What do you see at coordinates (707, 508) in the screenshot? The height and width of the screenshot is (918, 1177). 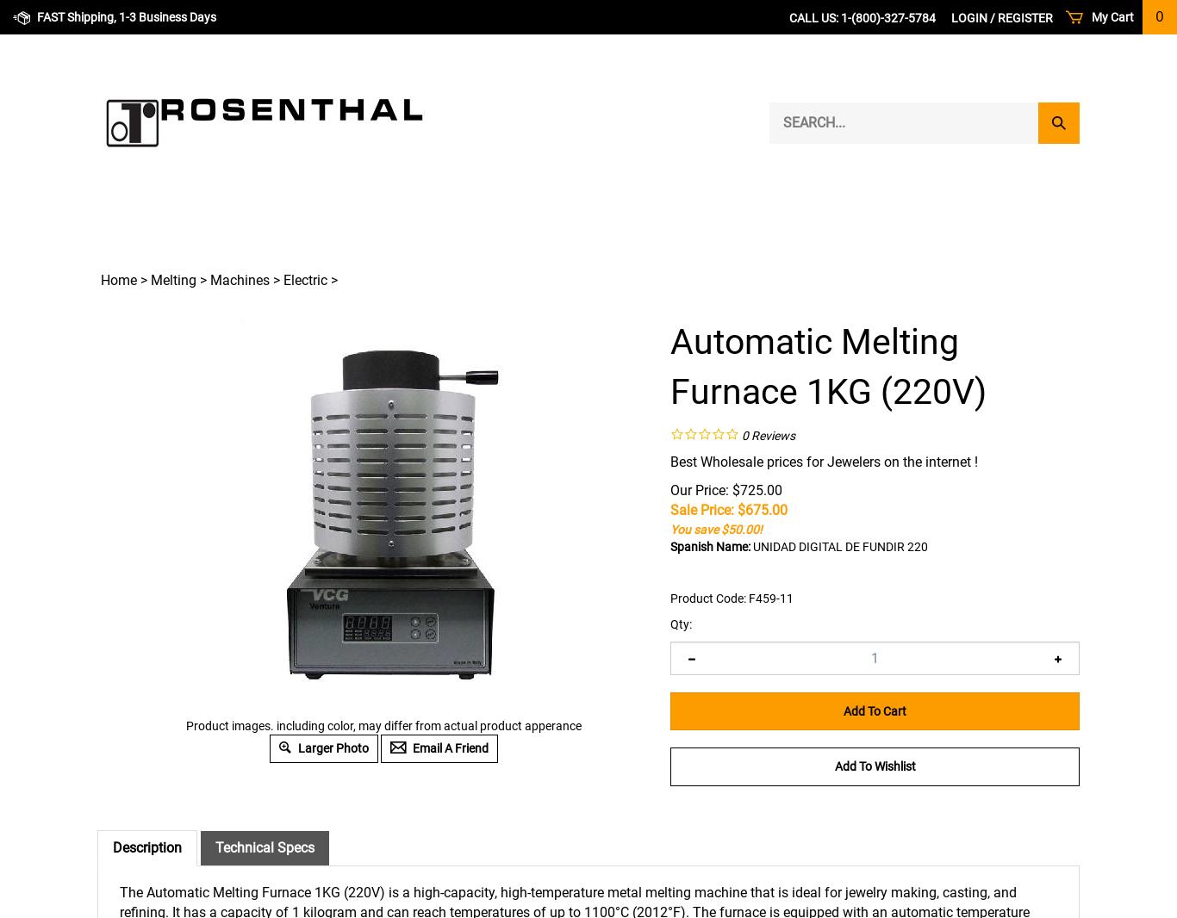 I see `'Sale Price: $'` at bounding box center [707, 508].